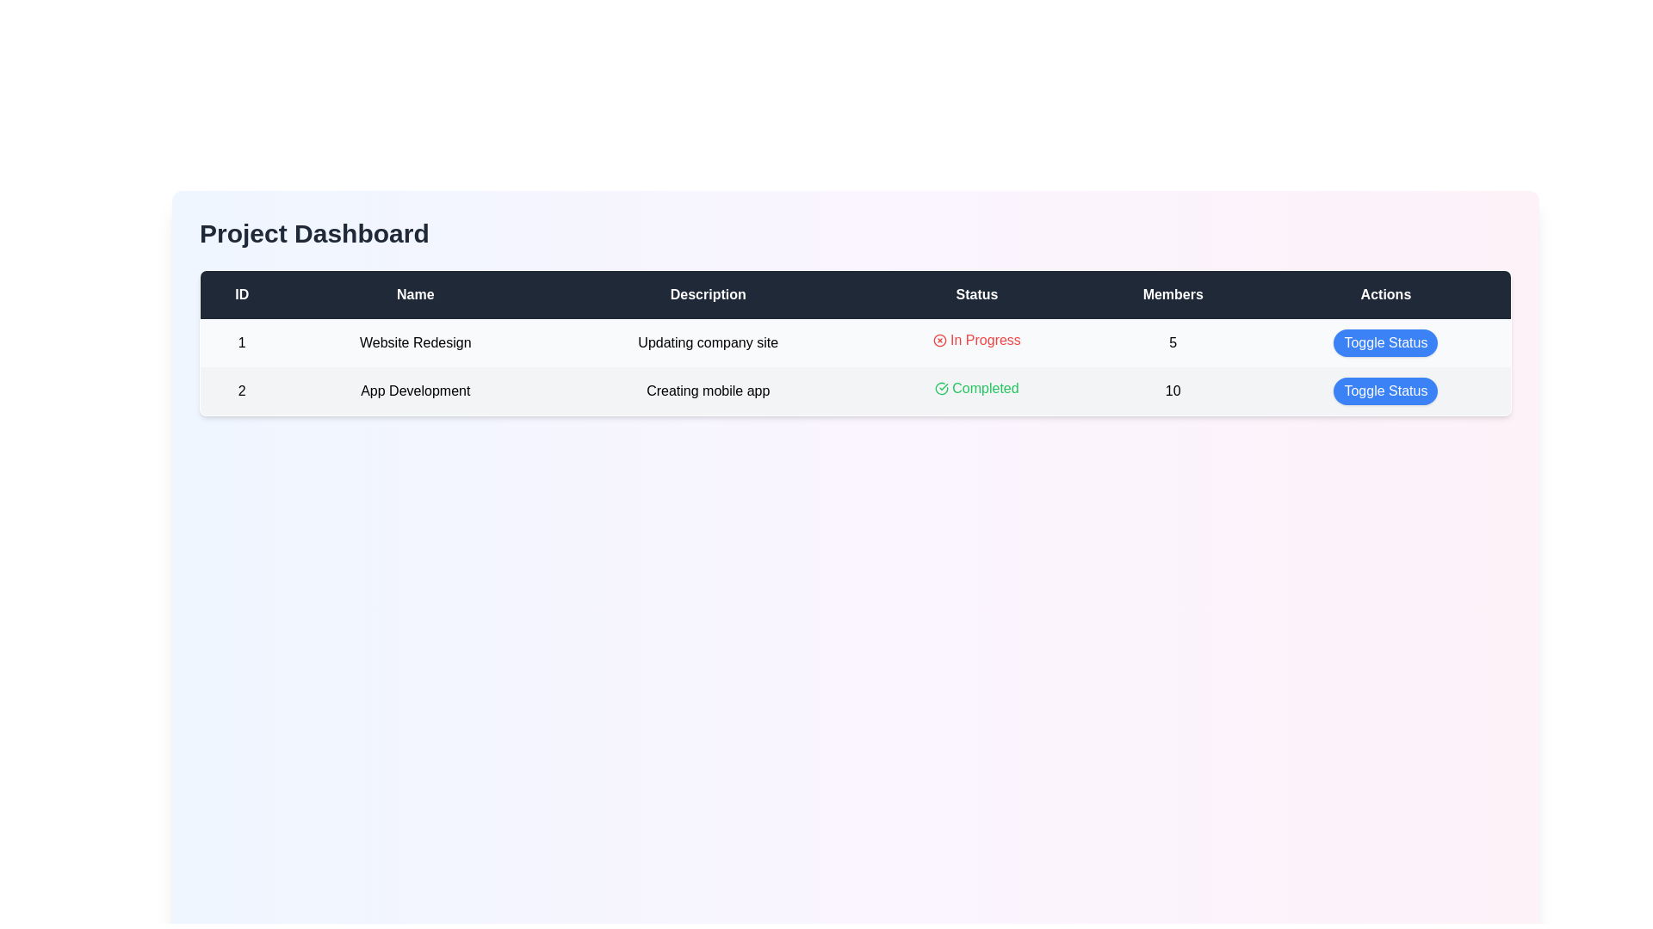  What do you see at coordinates (708, 391) in the screenshot?
I see `the description text for the project task titled 'App Development' located in the second row of the table under the 'Description' column` at bounding box center [708, 391].